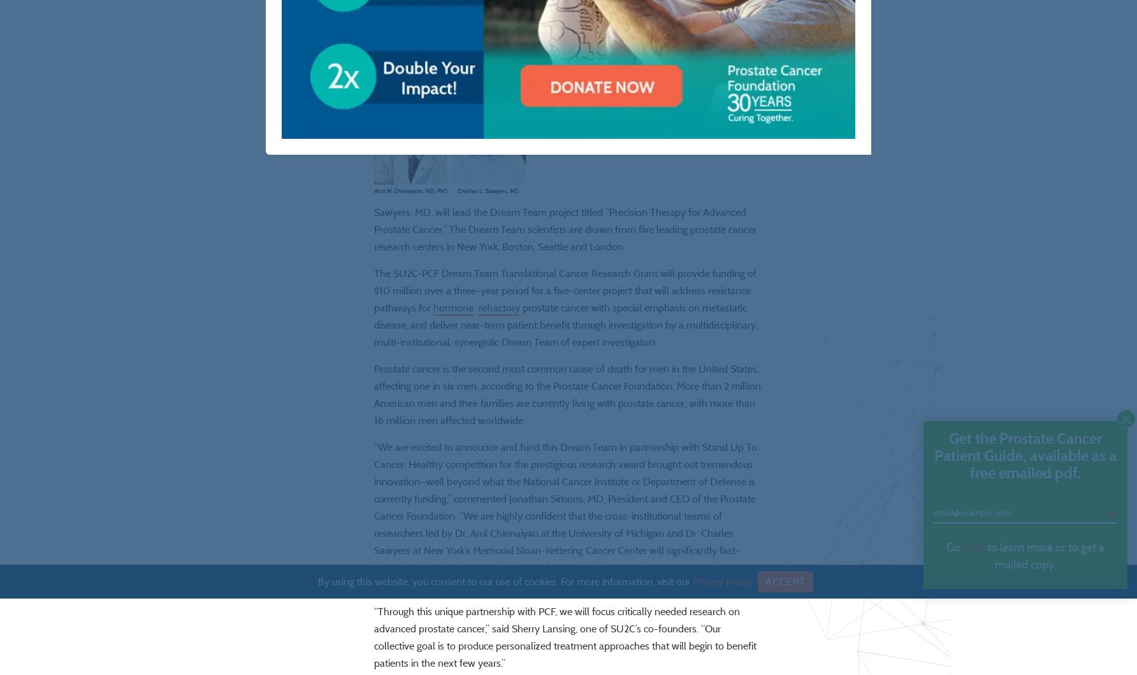 This screenshot has width=1137, height=675. Describe the element at coordinates (1025, 455) in the screenshot. I see `'Get the Prostate Cancer Patient Guide, available as a free emailed pdf.'` at that location.